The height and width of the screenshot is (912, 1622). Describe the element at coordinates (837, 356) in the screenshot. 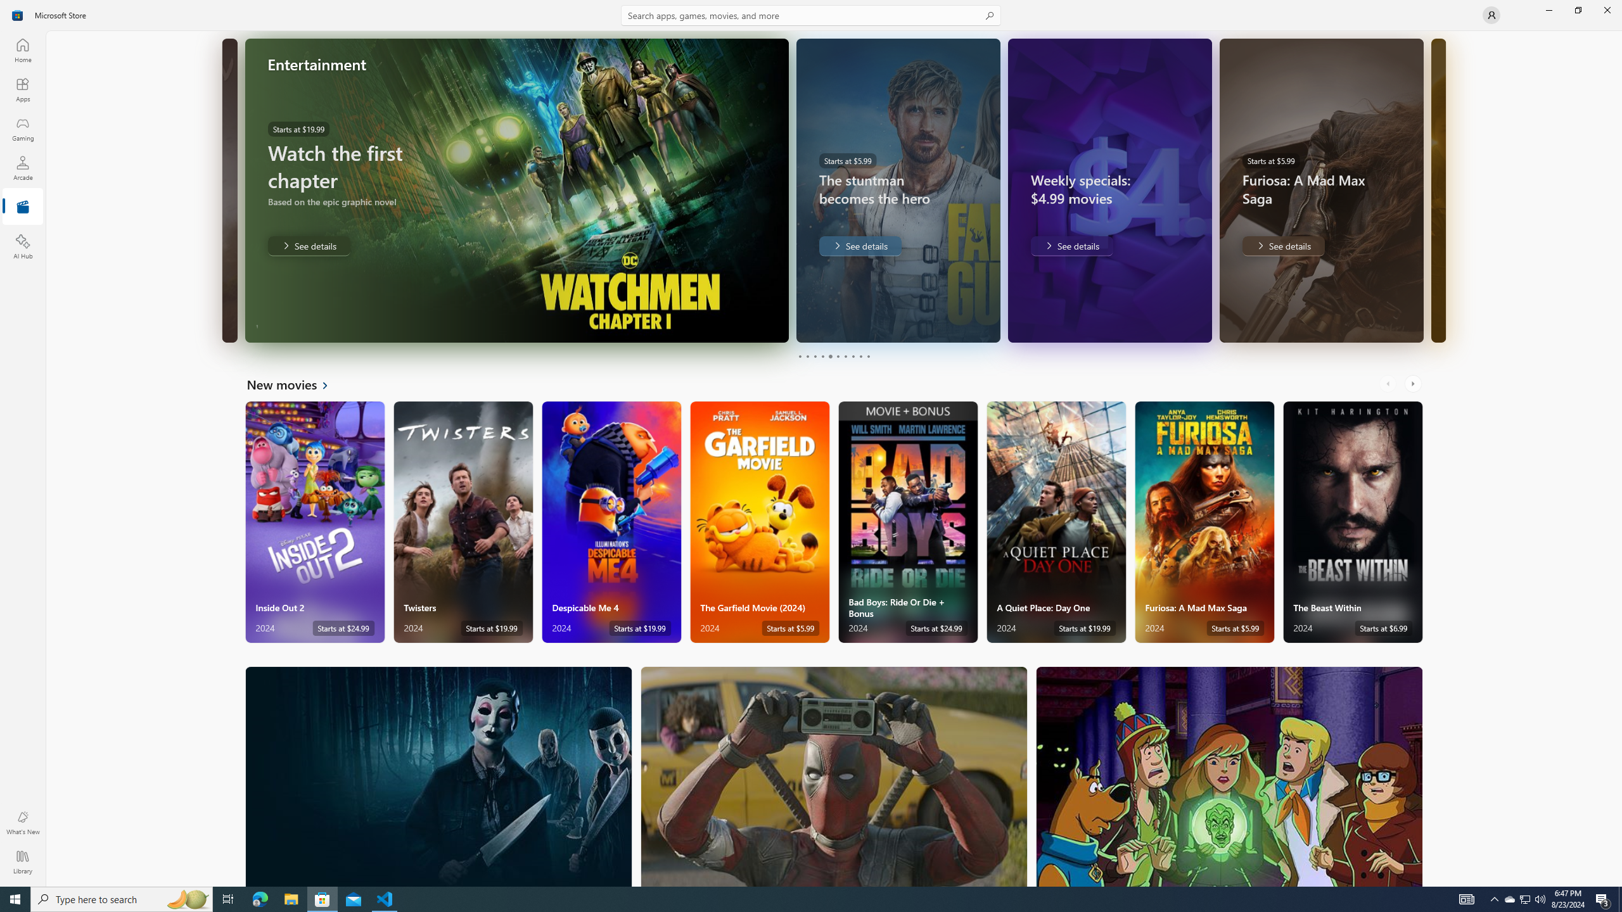

I see `'Page 6'` at that location.